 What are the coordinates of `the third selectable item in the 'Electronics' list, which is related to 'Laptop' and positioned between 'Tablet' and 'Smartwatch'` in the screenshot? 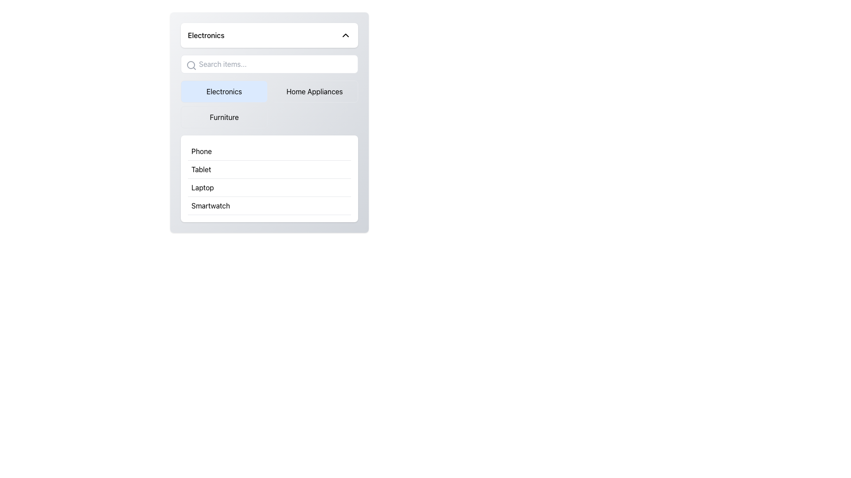 It's located at (269, 187).